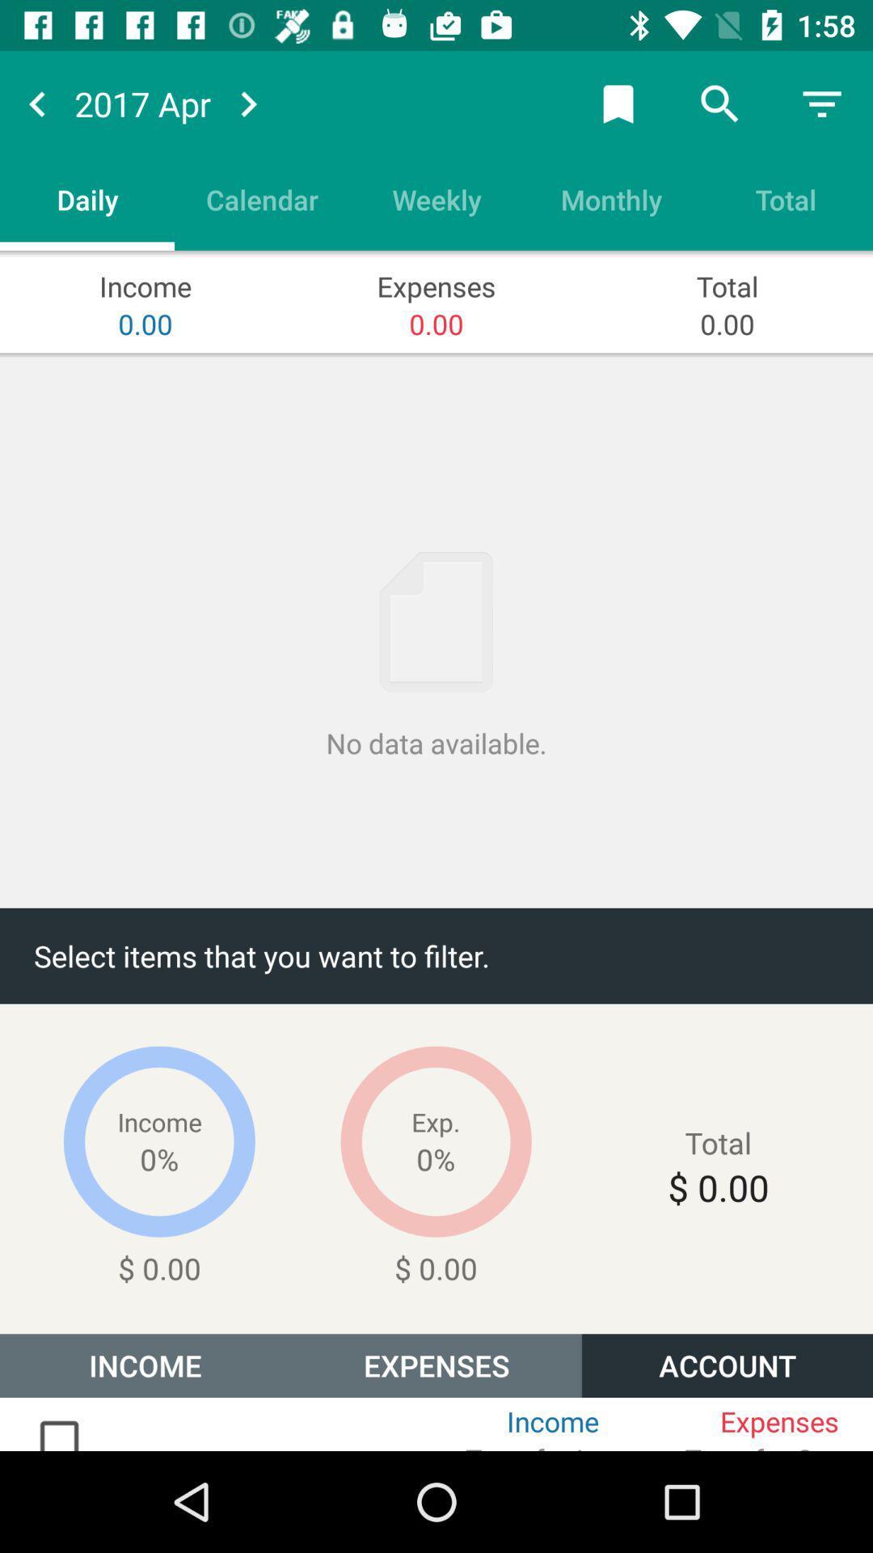  Describe the element at coordinates (36, 103) in the screenshot. I see `the arrow_backward icon` at that location.